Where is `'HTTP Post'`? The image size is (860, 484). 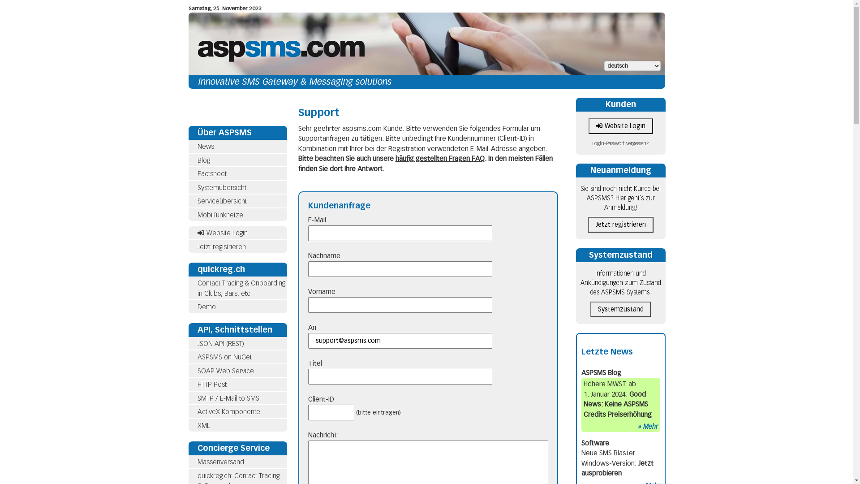
'HTTP Post' is located at coordinates (188, 384).